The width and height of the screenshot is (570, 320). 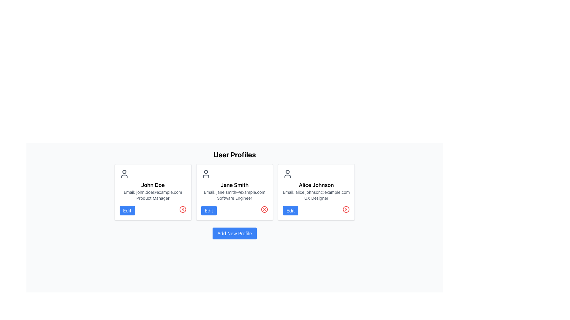 I want to click on the user profile icon located in the top-left corner of the first profile card, above the text 'John Doe', so click(x=124, y=173).